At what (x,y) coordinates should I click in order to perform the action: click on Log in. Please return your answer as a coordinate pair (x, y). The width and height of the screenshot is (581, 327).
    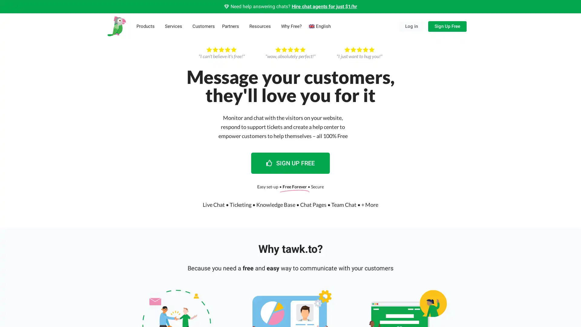
    Looking at the image, I should click on (411, 26).